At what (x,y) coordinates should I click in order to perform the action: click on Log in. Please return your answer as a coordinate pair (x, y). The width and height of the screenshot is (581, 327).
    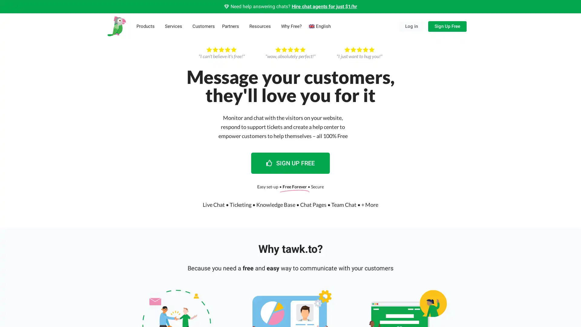
    Looking at the image, I should click on (411, 26).